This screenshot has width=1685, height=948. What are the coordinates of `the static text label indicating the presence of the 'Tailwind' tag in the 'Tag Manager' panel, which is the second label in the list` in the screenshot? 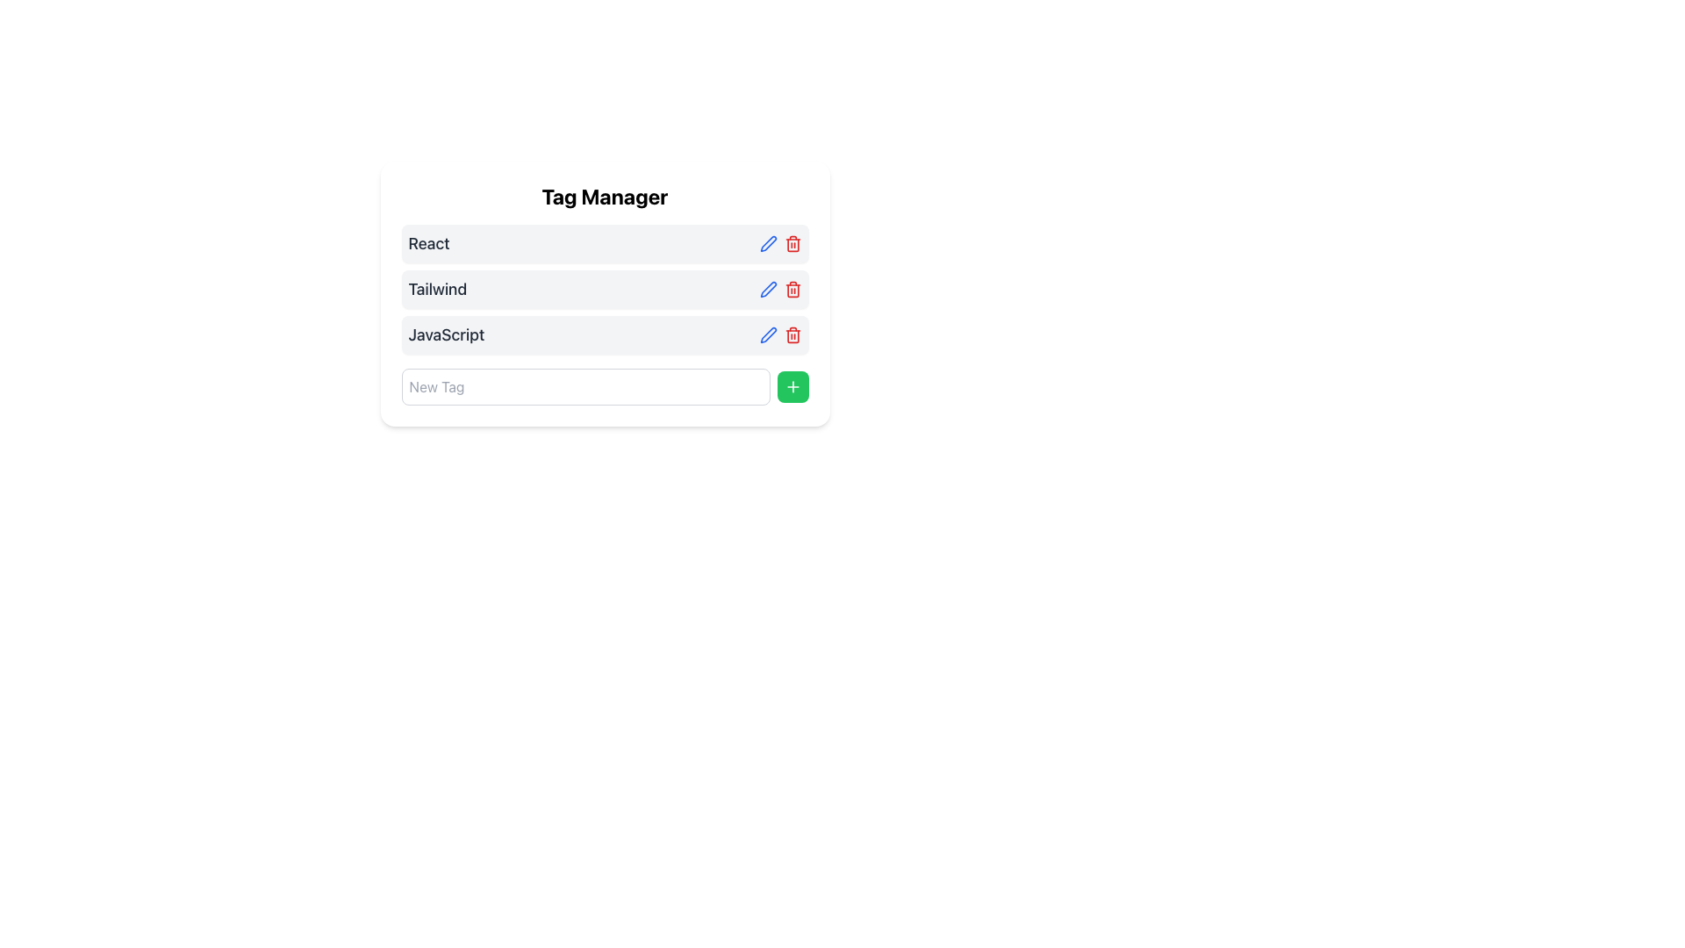 It's located at (437, 289).